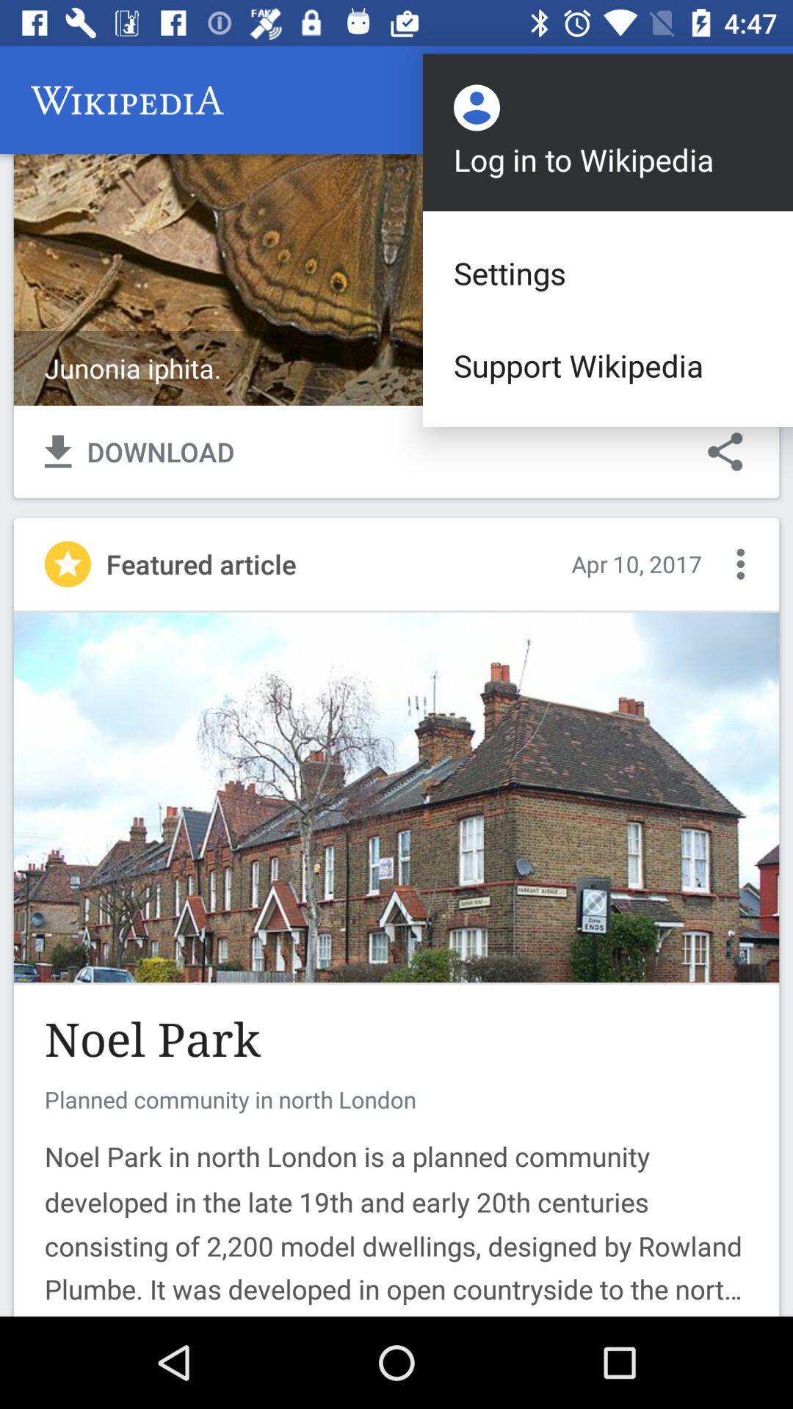 This screenshot has height=1409, width=793. What do you see at coordinates (608, 273) in the screenshot?
I see `the icon below the log in to item` at bounding box center [608, 273].